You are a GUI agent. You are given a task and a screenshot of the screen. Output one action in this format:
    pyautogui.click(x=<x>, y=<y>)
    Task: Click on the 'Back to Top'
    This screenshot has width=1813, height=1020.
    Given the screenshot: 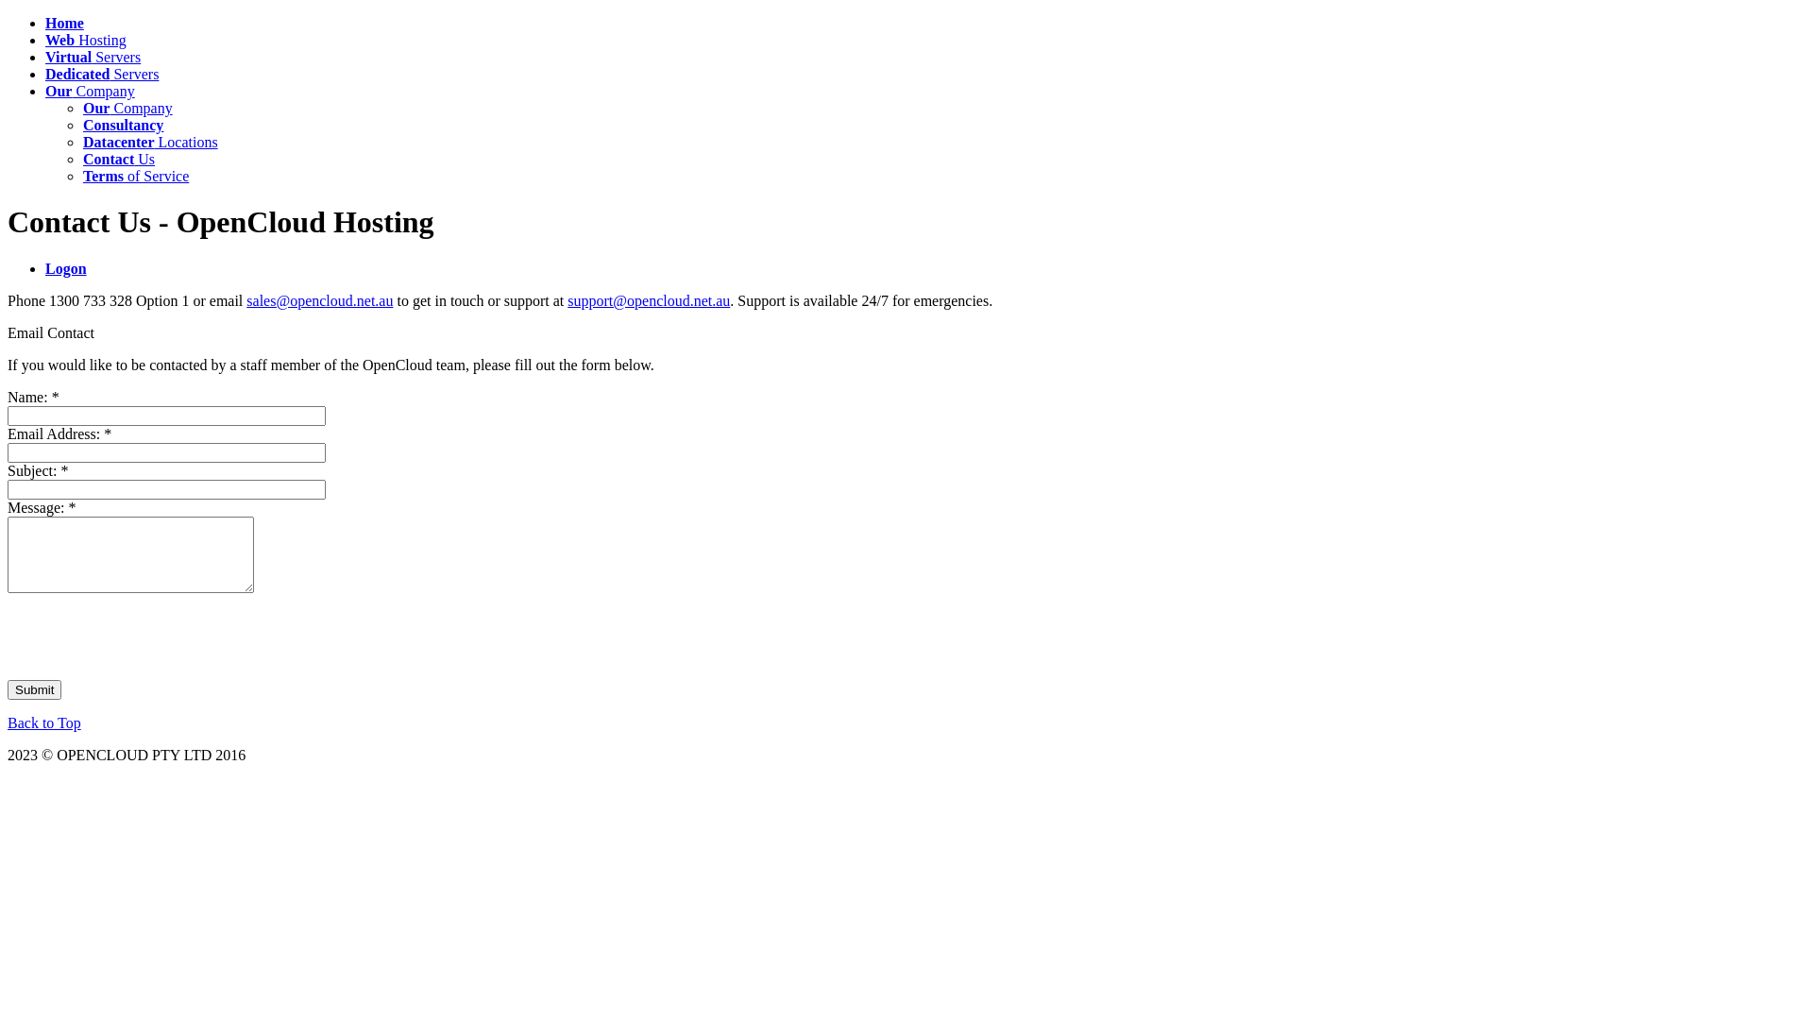 What is the action you would take?
    pyautogui.click(x=8, y=722)
    